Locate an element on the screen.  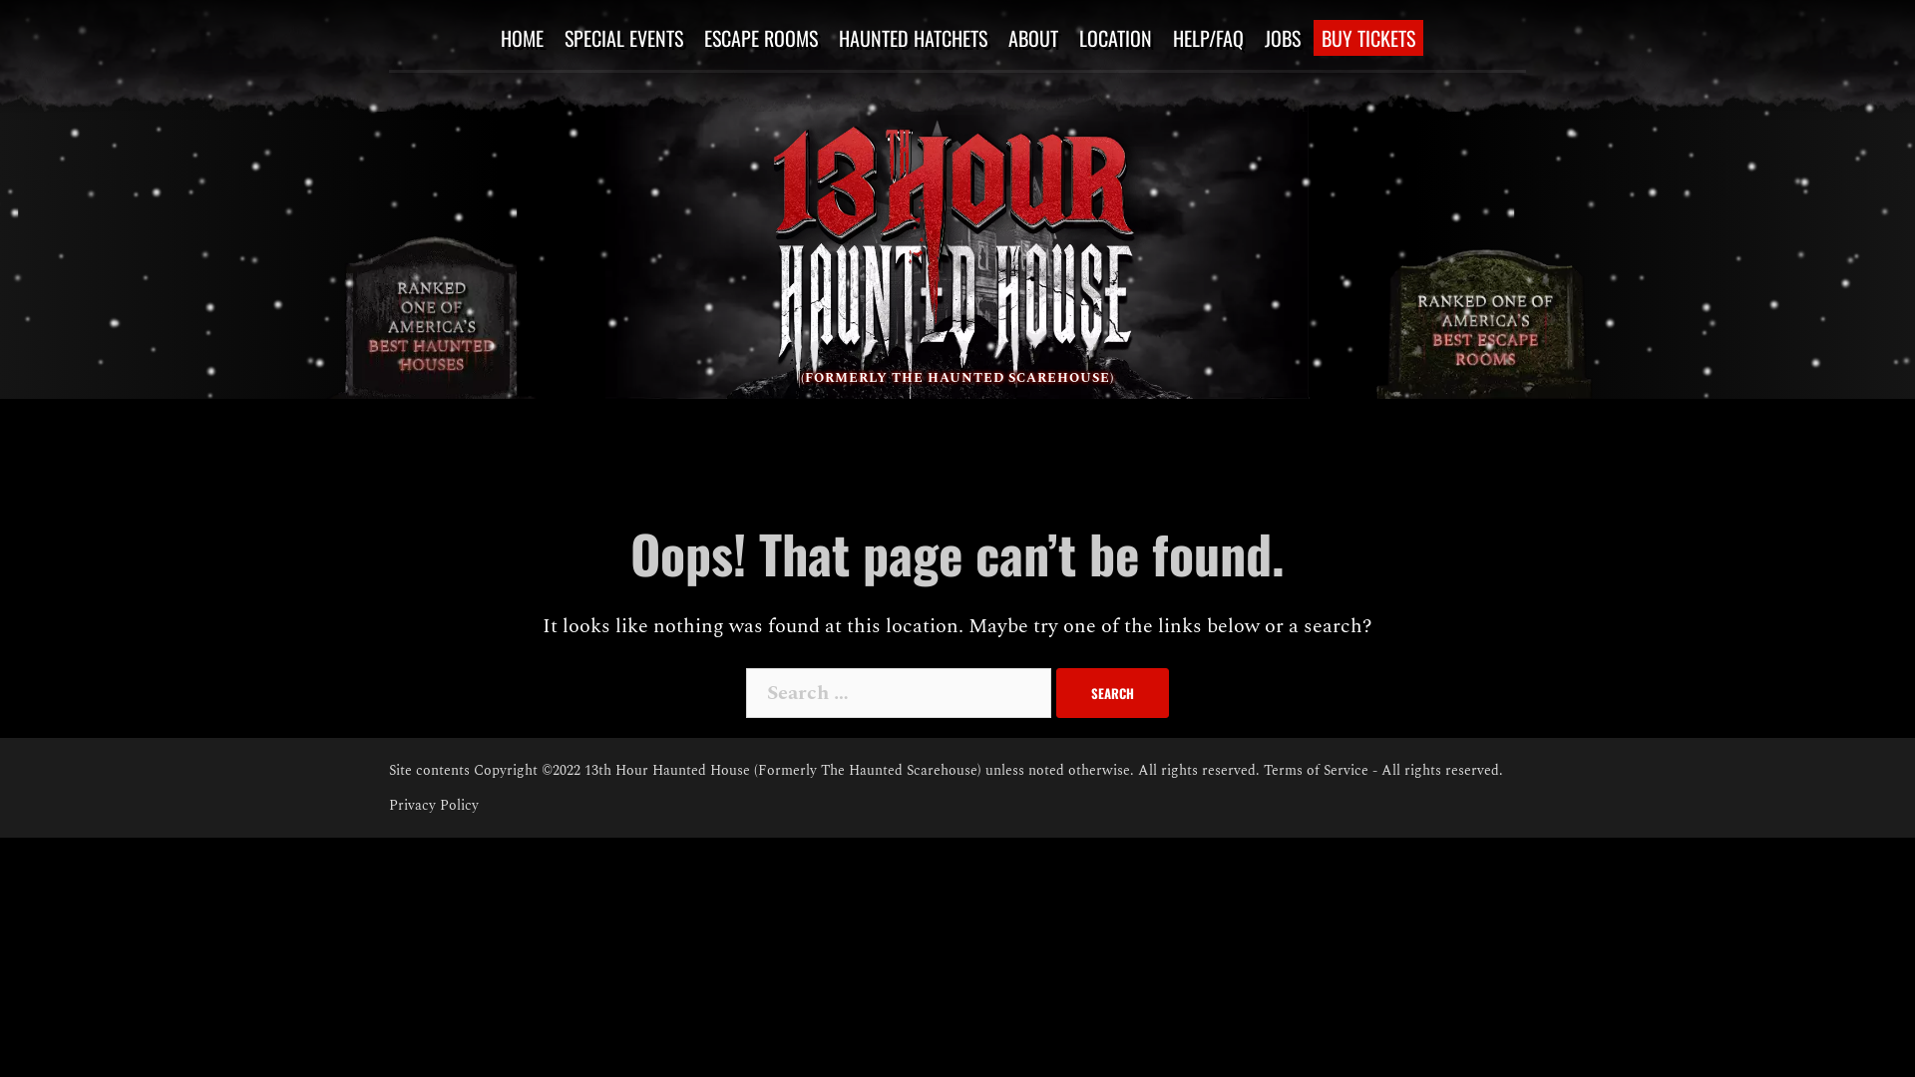
'Terms of Service' is located at coordinates (1316, 769).